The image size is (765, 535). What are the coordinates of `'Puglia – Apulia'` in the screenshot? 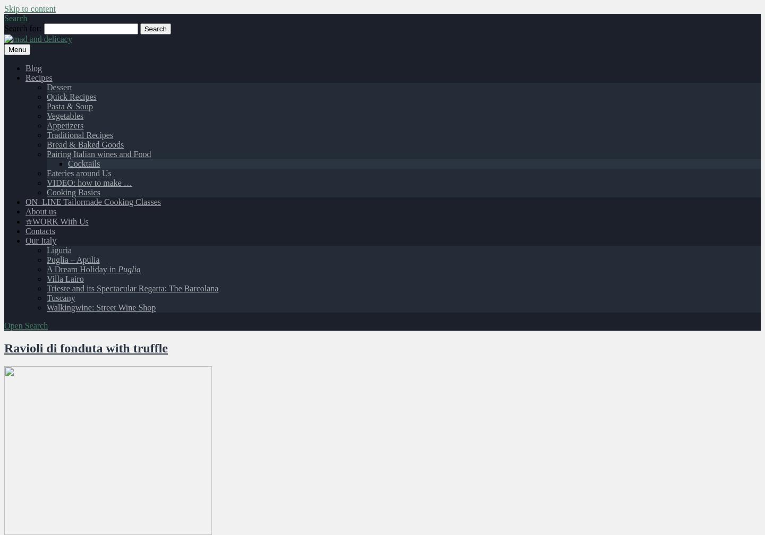 It's located at (72, 260).